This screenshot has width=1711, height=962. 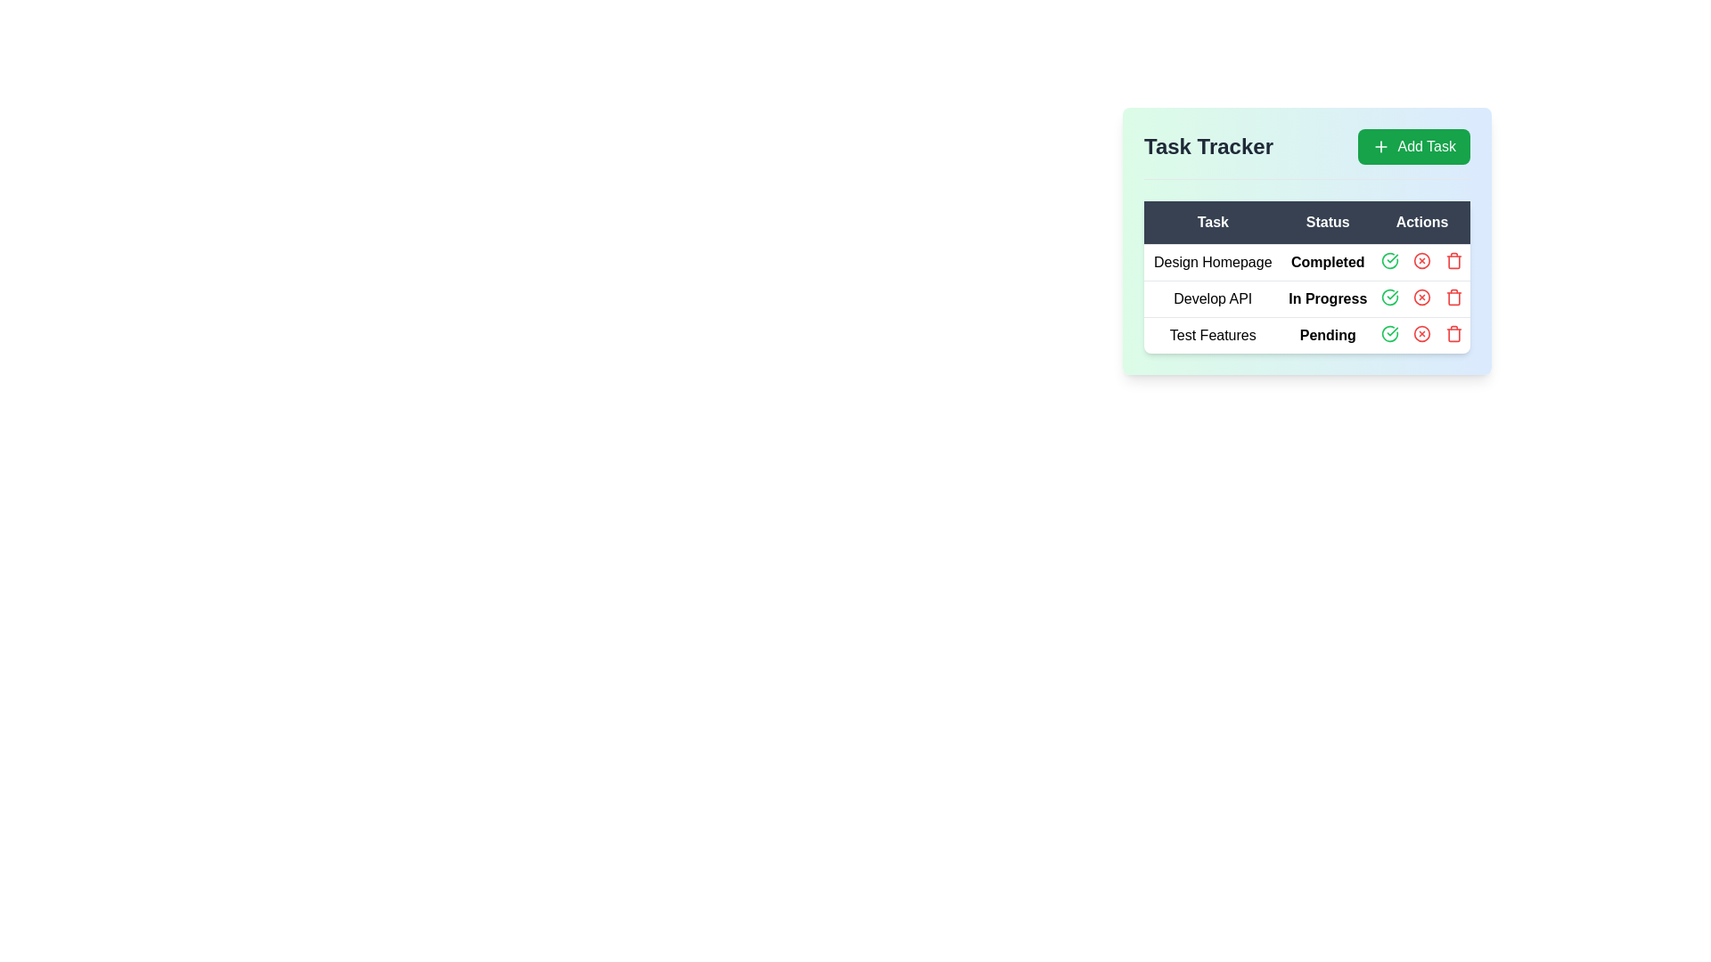 What do you see at coordinates (1389, 261) in the screenshot?
I see `the green circular button with a checkmark inside it, located under the 'Actions' column in the first row for the 'Design Homepage' task, to confirm or complete the task` at bounding box center [1389, 261].